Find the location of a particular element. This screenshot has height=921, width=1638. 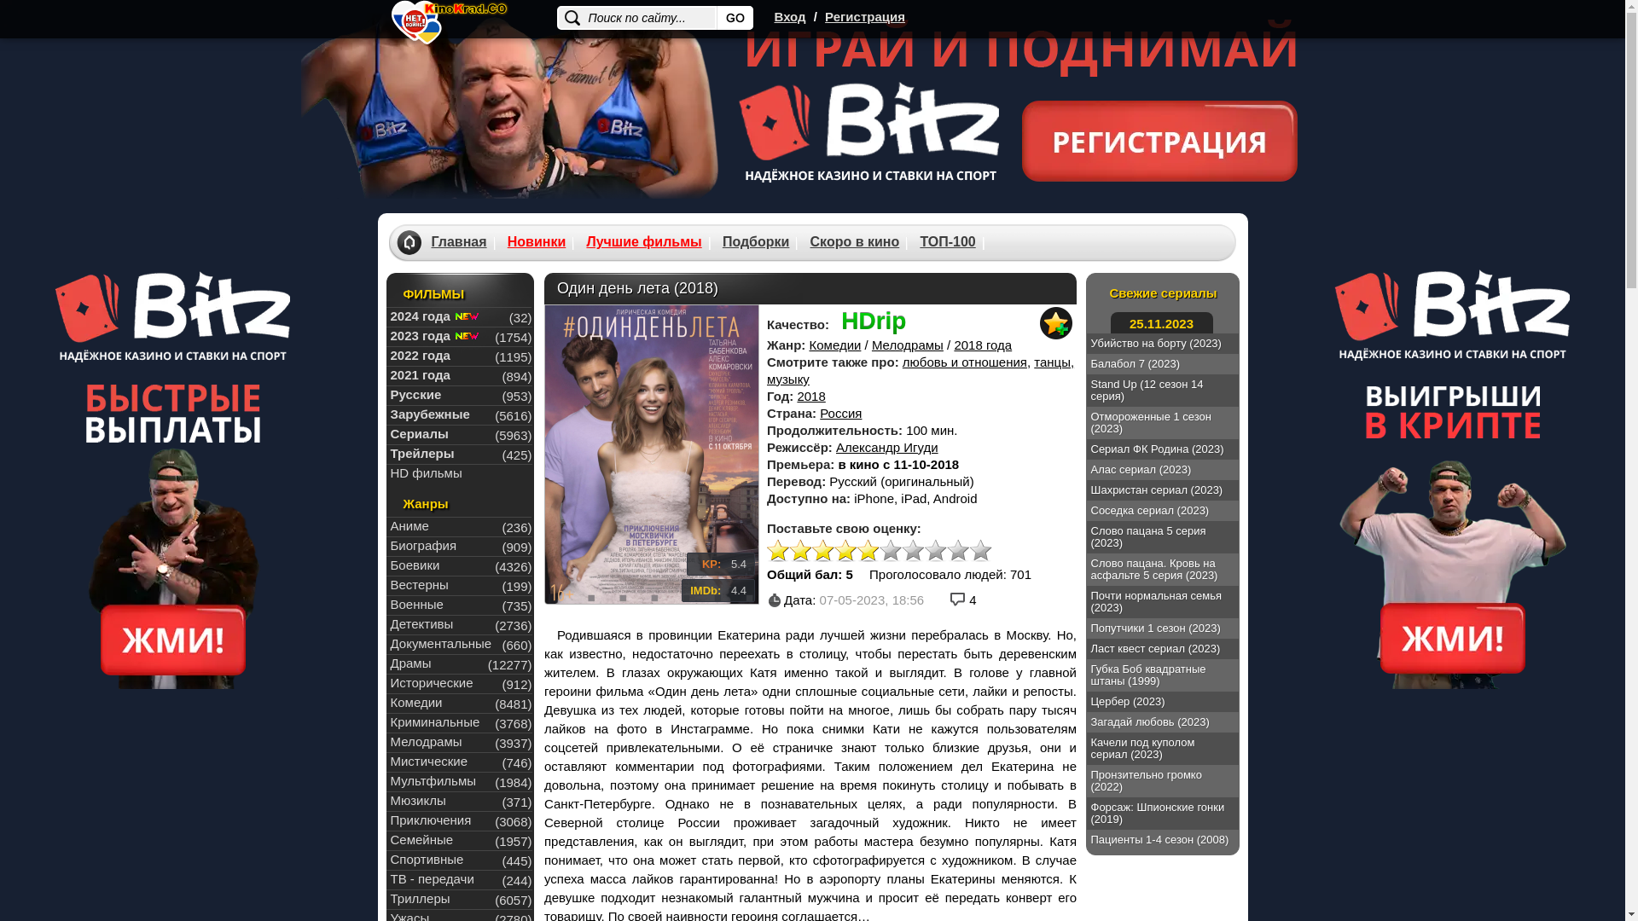

'3' is located at coordinates (822, 550).